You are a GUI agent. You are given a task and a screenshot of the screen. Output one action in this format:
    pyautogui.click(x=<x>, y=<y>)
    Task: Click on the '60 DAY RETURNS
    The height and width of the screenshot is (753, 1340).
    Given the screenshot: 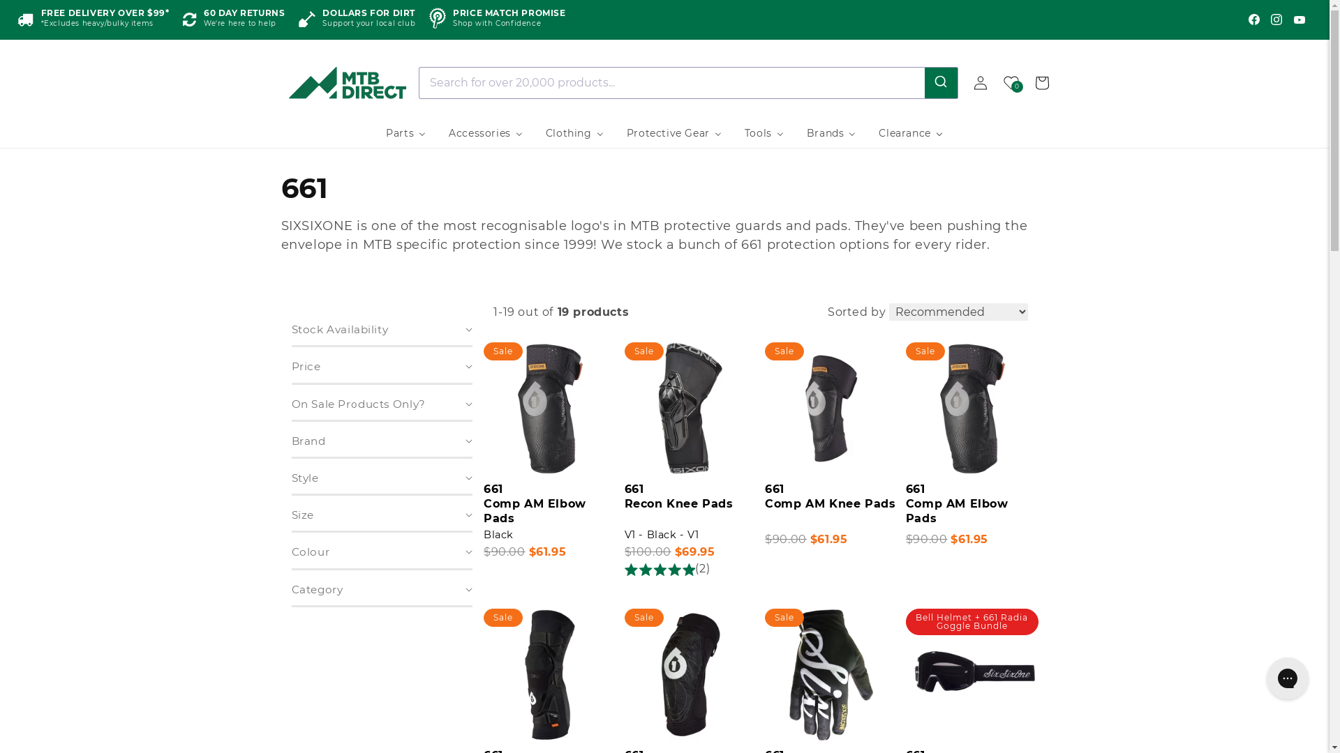 What is the action you would take?
    pyautogui.click(x=234, y=20)
    